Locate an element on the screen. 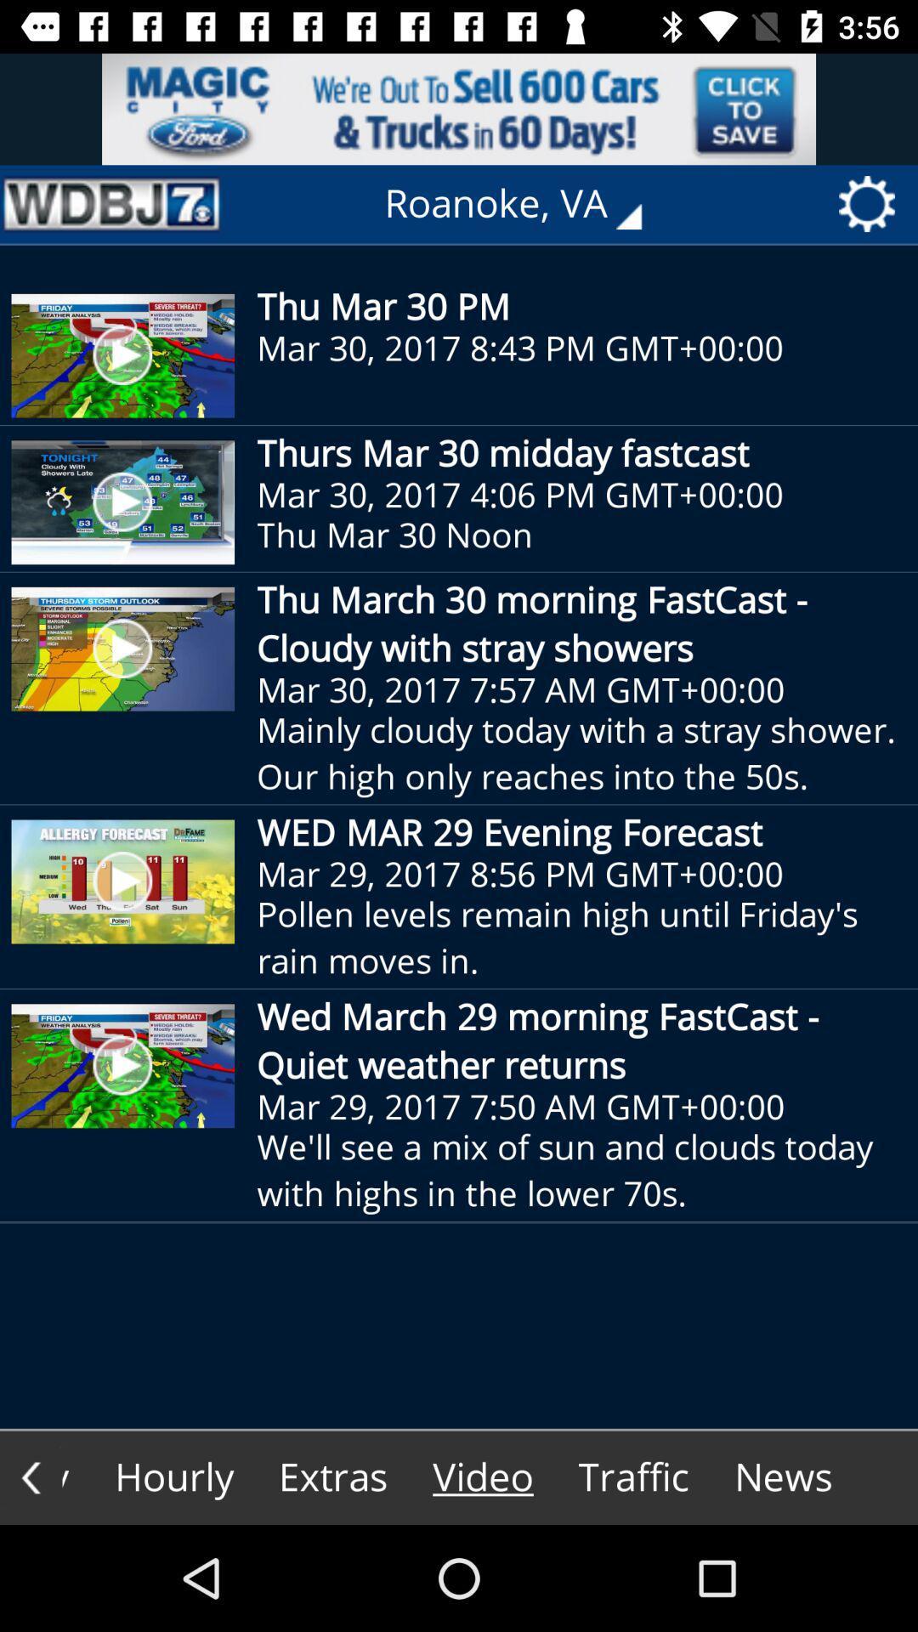 The image size is (918, 1632). roanoke, va is located at coordinates (524, 204).